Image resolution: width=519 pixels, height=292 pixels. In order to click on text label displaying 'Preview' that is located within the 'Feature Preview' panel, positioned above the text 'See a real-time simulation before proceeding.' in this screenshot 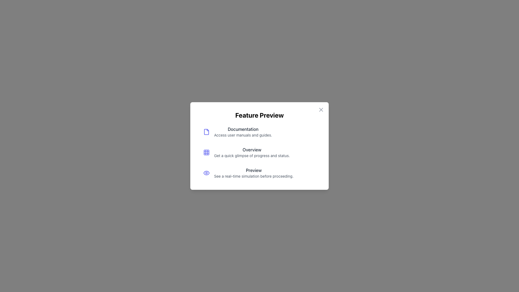, I will do `click(253, 170)`.